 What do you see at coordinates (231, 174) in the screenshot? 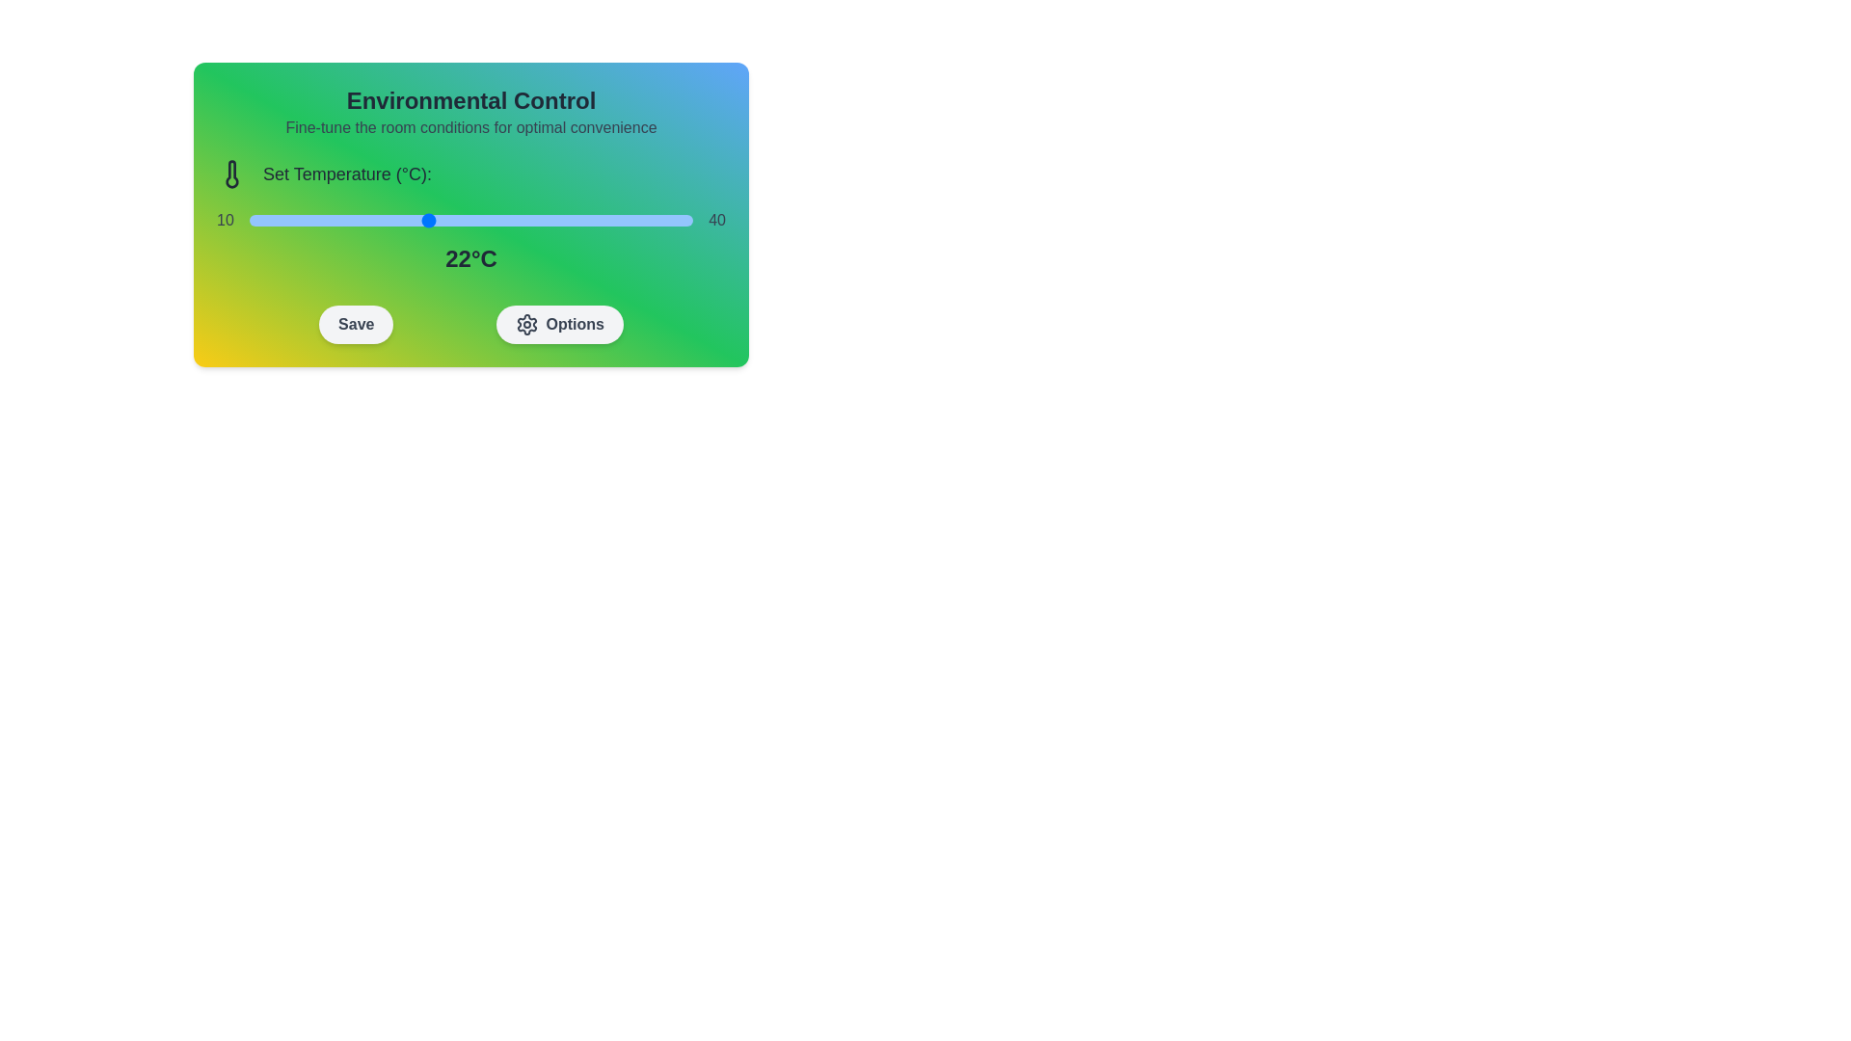
I see `the Decorative component of the thermometer icon, which is located at the bottom of the thermometer icon in the upper left section of the interface panel` at bounding box center [231, 174].